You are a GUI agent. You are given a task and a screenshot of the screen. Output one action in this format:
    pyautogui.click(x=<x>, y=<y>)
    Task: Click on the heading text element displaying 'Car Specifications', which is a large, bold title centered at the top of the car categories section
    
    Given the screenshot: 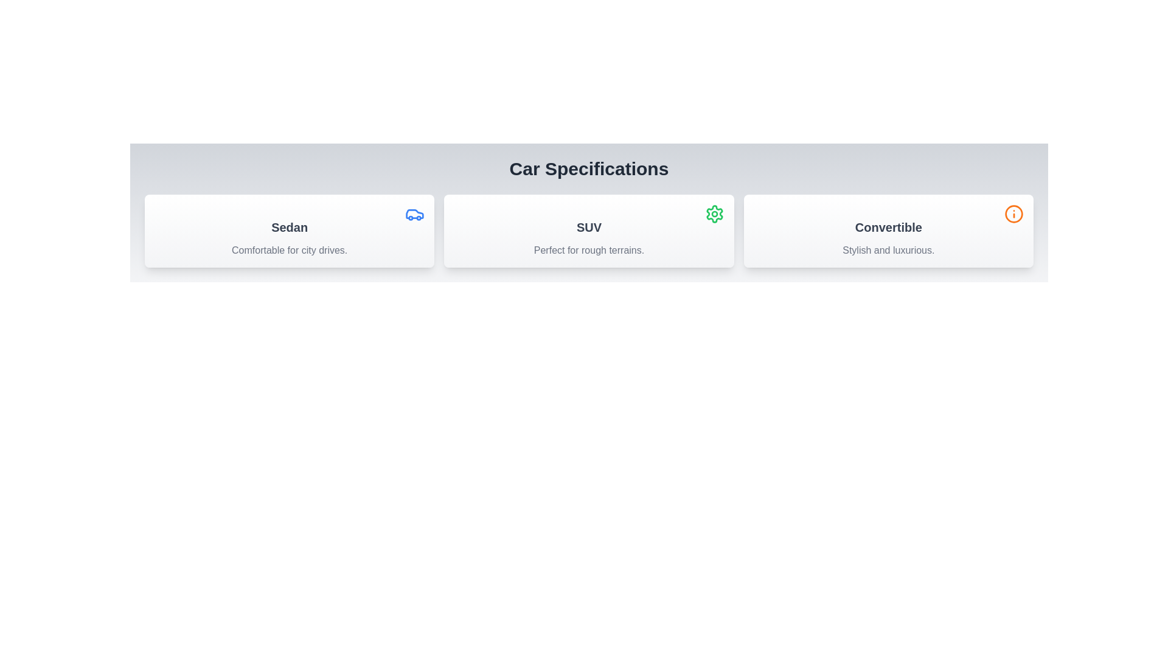 What is the action you would take?
    pyautogui.click(x=589, y=169)
    